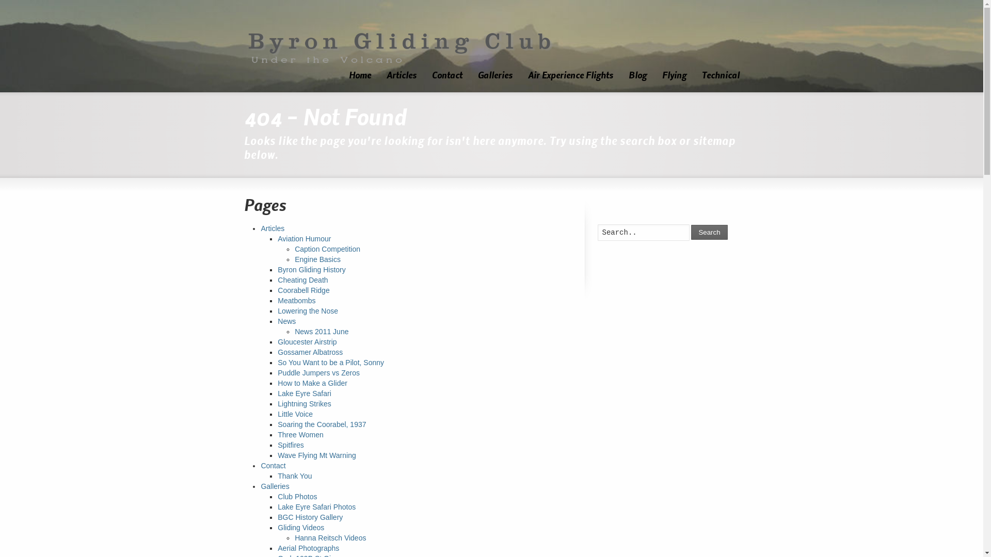 This screenshot has width=991, height=557. What do you see at coordinates (277, 342) in the screenshot?
I see `'Gloucester Airstrip'` at bounding box center [277, 342].